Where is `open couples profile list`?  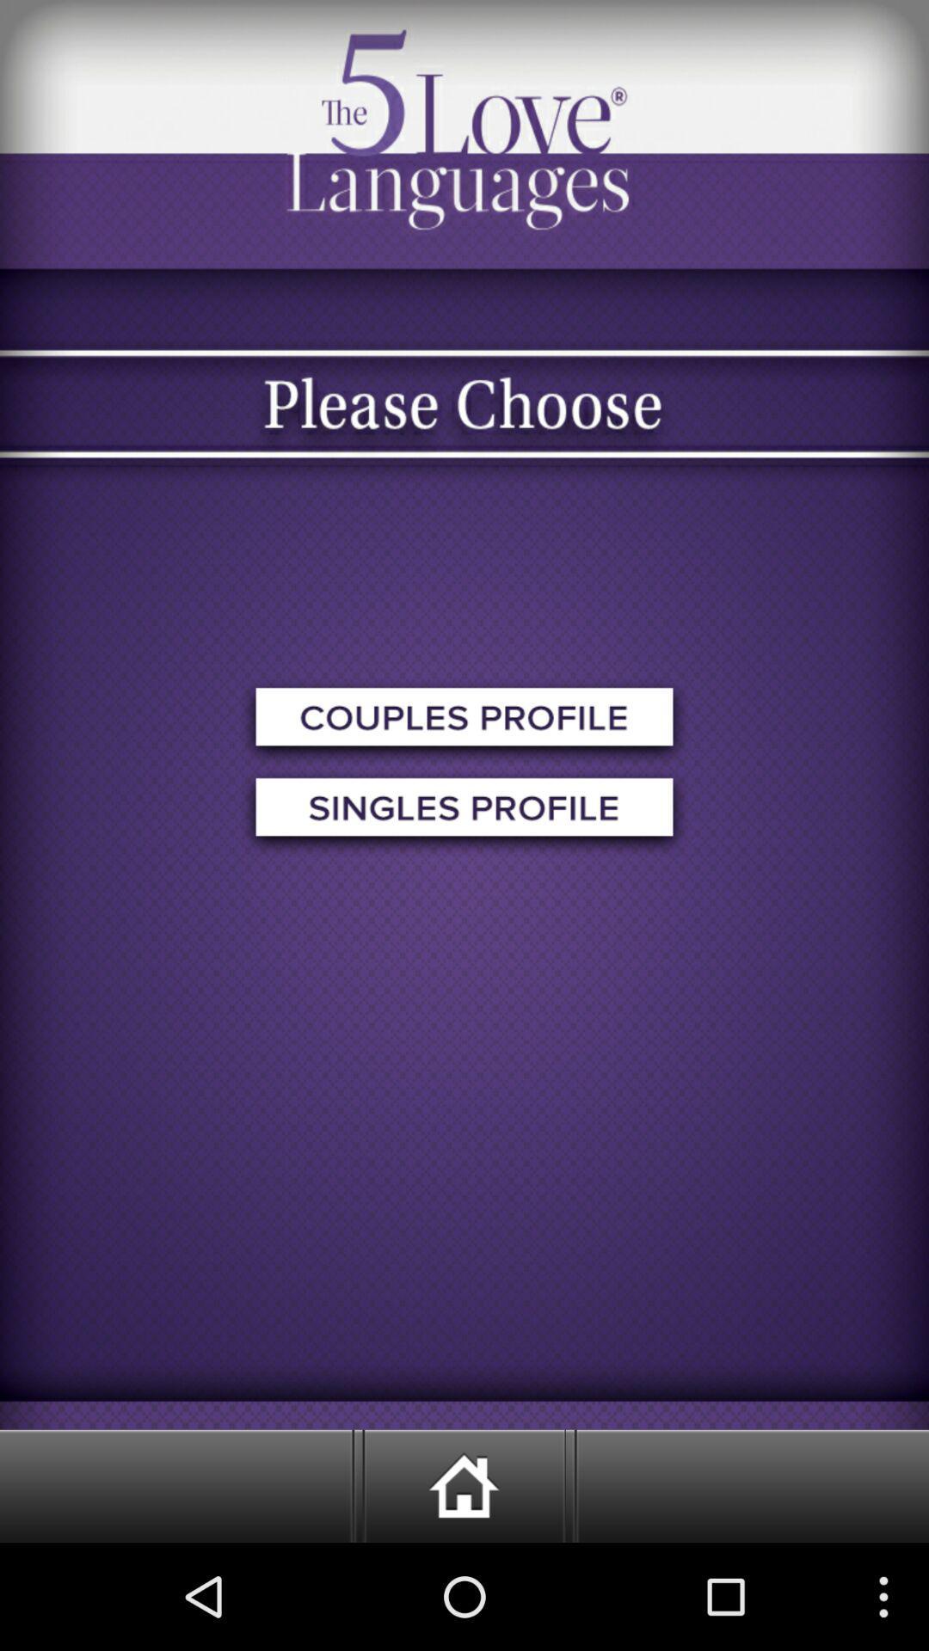 open couples profile list is located at coordinates (464, 722).